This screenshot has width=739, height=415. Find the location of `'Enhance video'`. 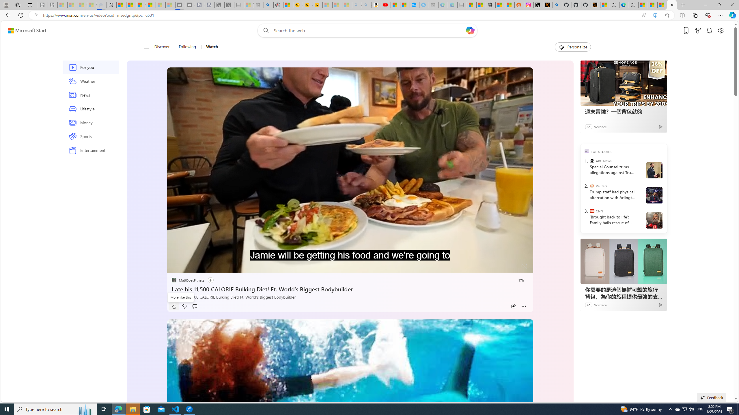

'Enhance video' is located at coordinates (655, 15).